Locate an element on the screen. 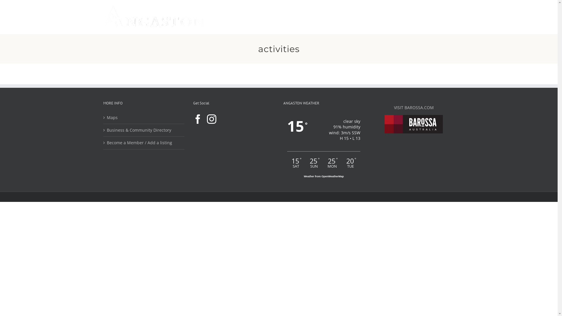 The image size is (562, 316). 'EAT' is located at coordinates (330, 17).